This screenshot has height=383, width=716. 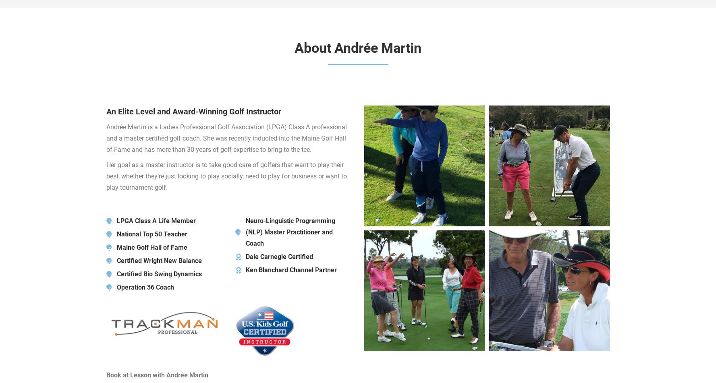 What do you see at coordinates (226, 176) in the screenshot?
I see `'Her goal as a master instructor is to take good care of golfers that want to play their best, whether they’re just looking to play socially, need to play for business or want to play tournament golf.'` at bounding box center [226, 176].